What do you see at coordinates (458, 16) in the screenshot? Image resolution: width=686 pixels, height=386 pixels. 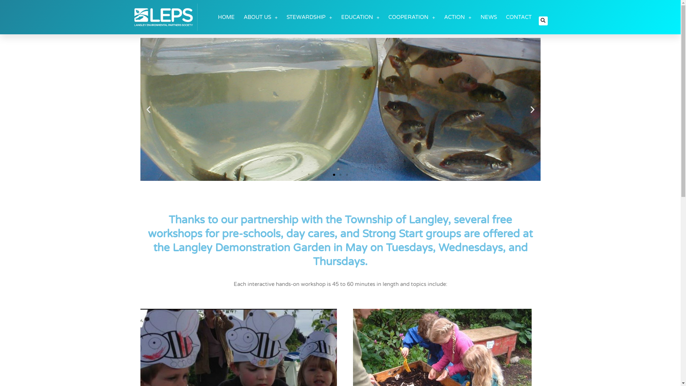 I see `'ACTION'` at bounding box center [458, 16].